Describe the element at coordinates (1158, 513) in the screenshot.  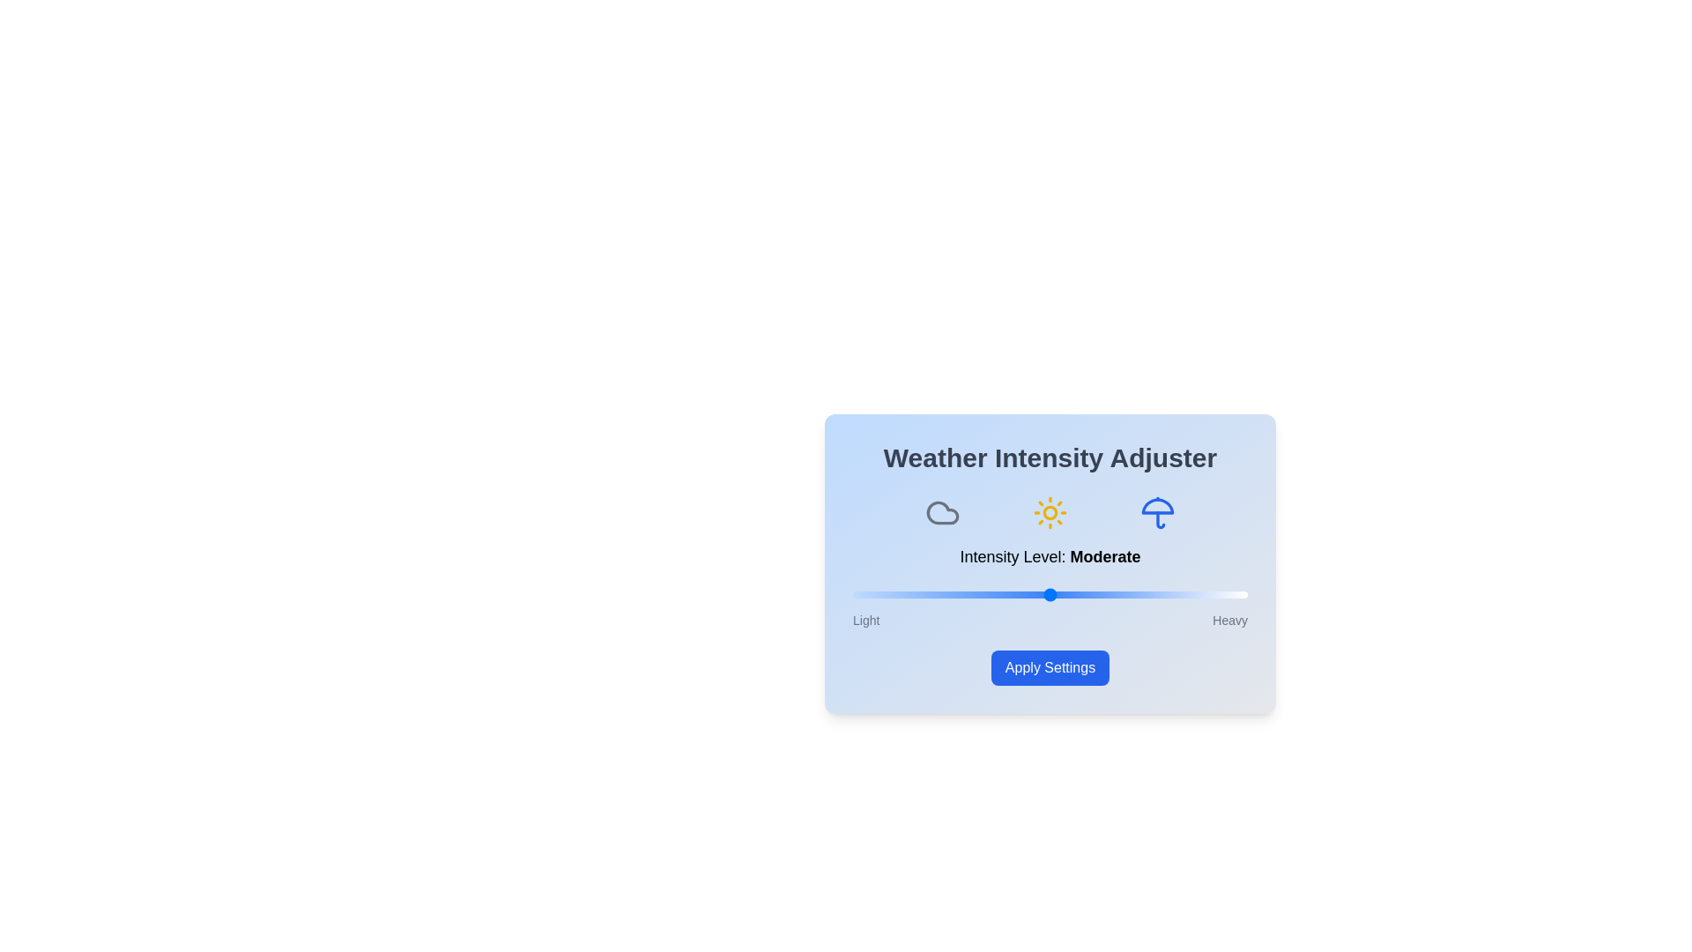
I see `the umbrella icon` at that location.